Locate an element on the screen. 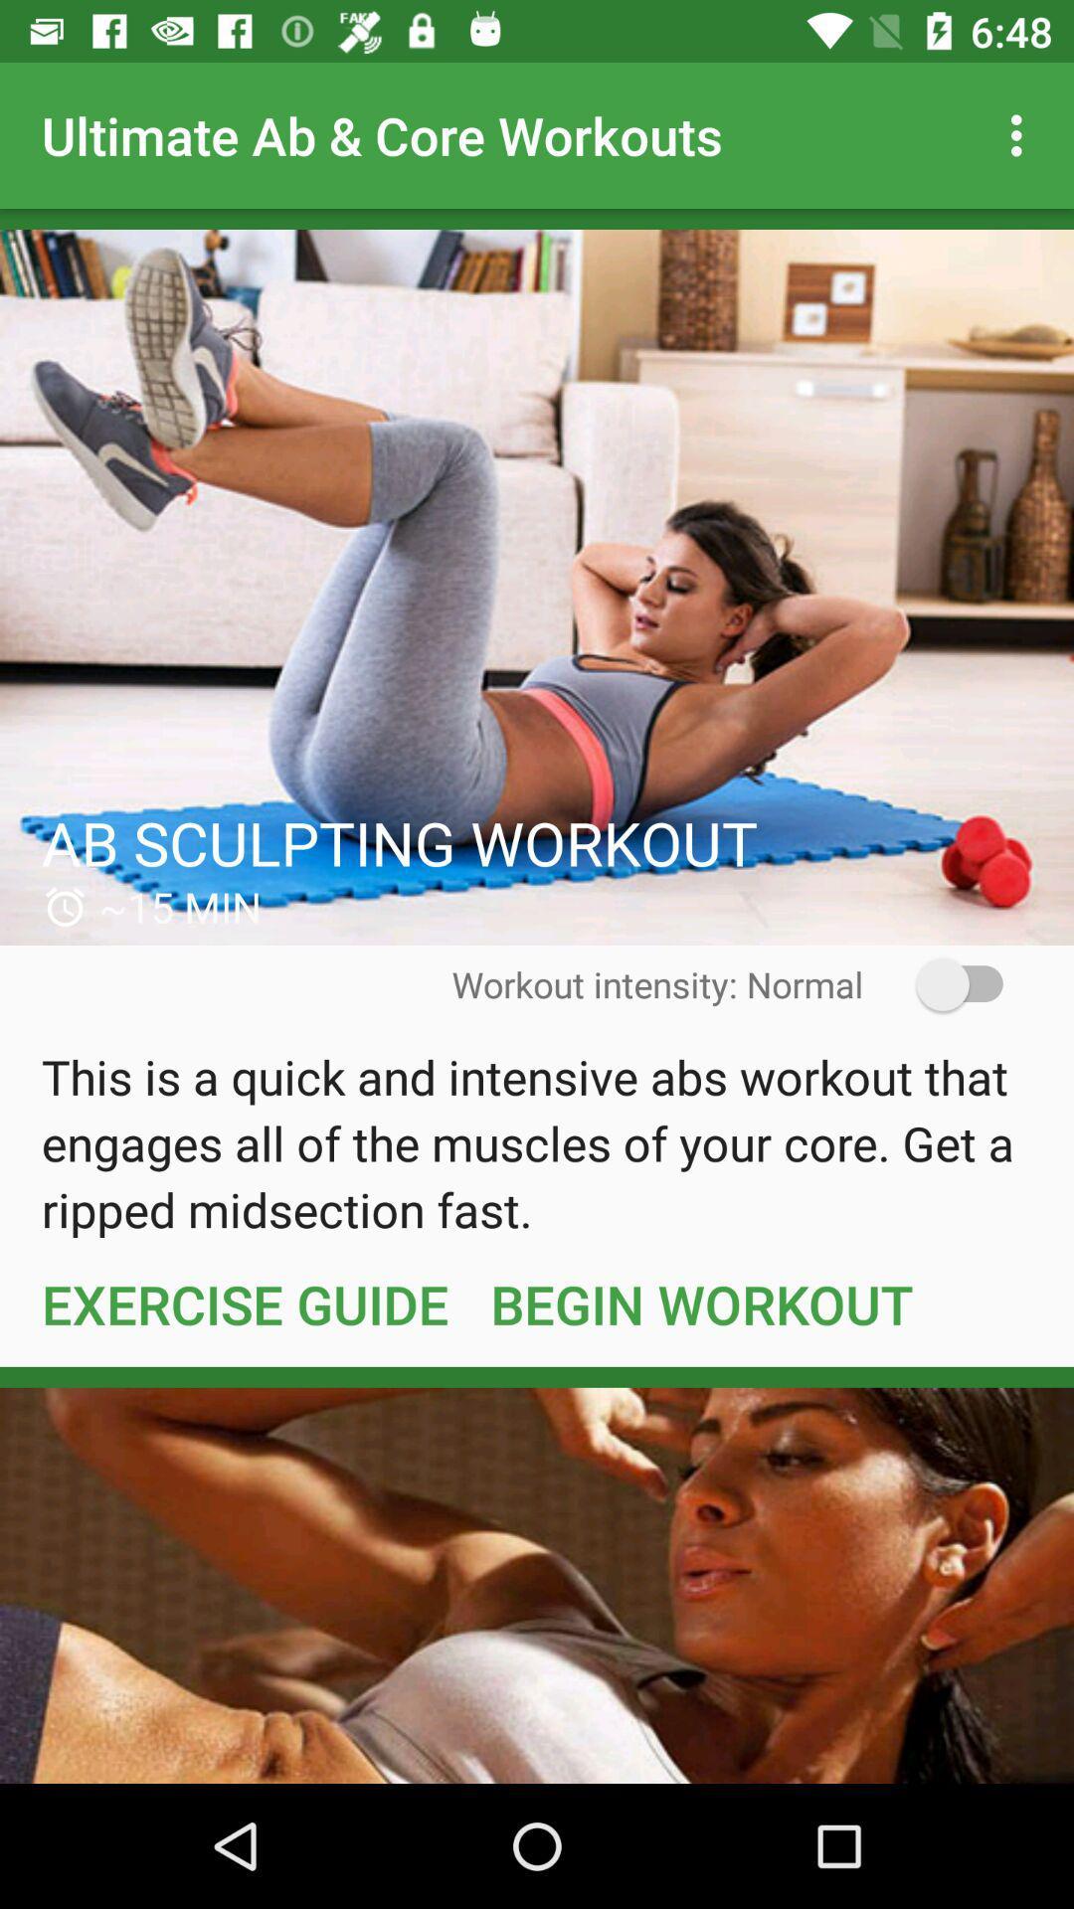 The image size is (1074, 1909). the begin workout icon is located at coordinates (701, 1303).